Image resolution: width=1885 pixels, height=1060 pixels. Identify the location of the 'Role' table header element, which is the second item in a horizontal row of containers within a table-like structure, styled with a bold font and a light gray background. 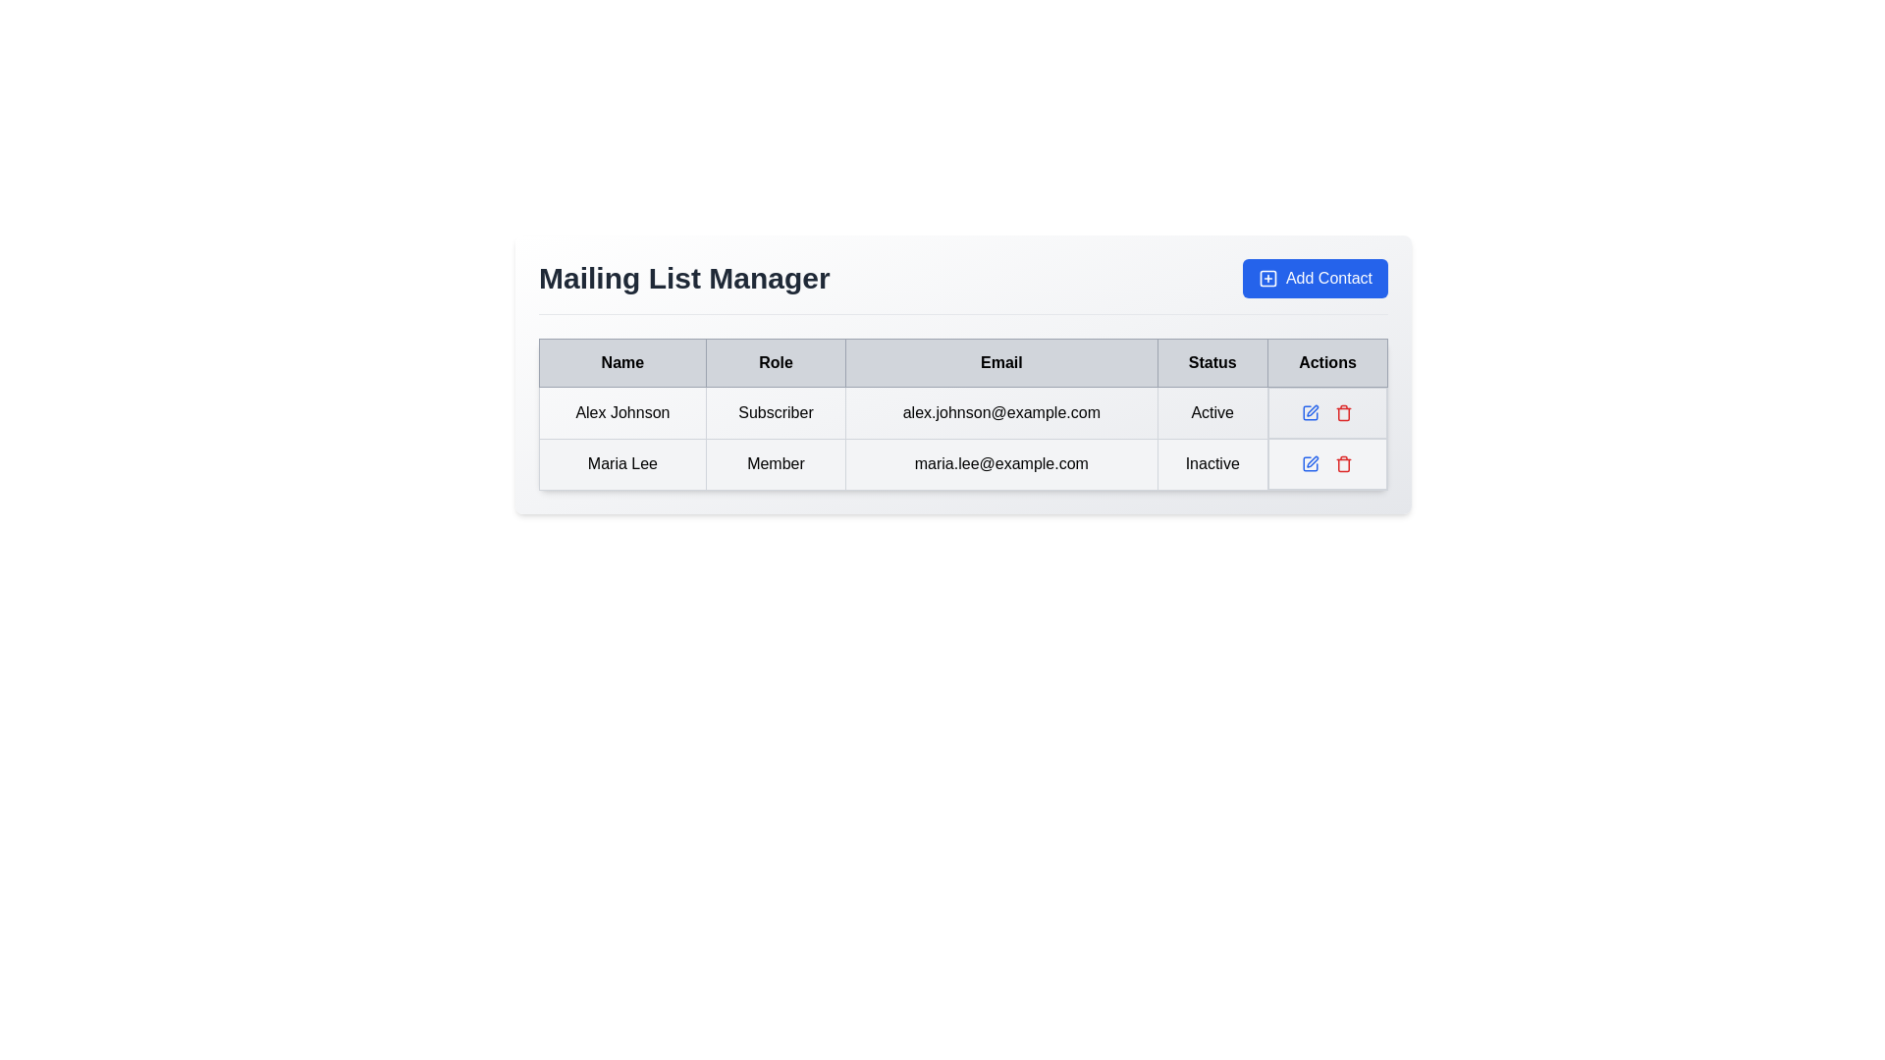
(775, 363).